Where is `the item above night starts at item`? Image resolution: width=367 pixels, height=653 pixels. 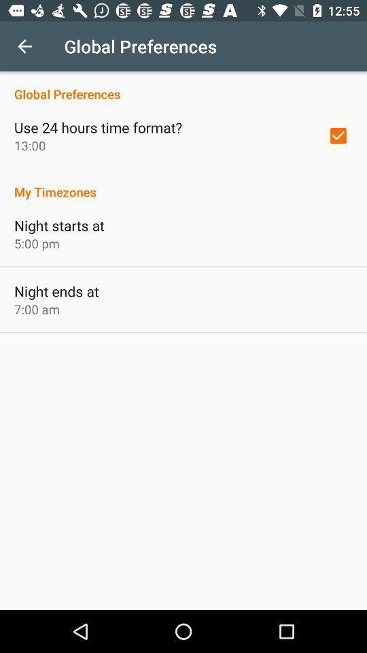
the item above night starts at item is located at coordinates (183, 184).